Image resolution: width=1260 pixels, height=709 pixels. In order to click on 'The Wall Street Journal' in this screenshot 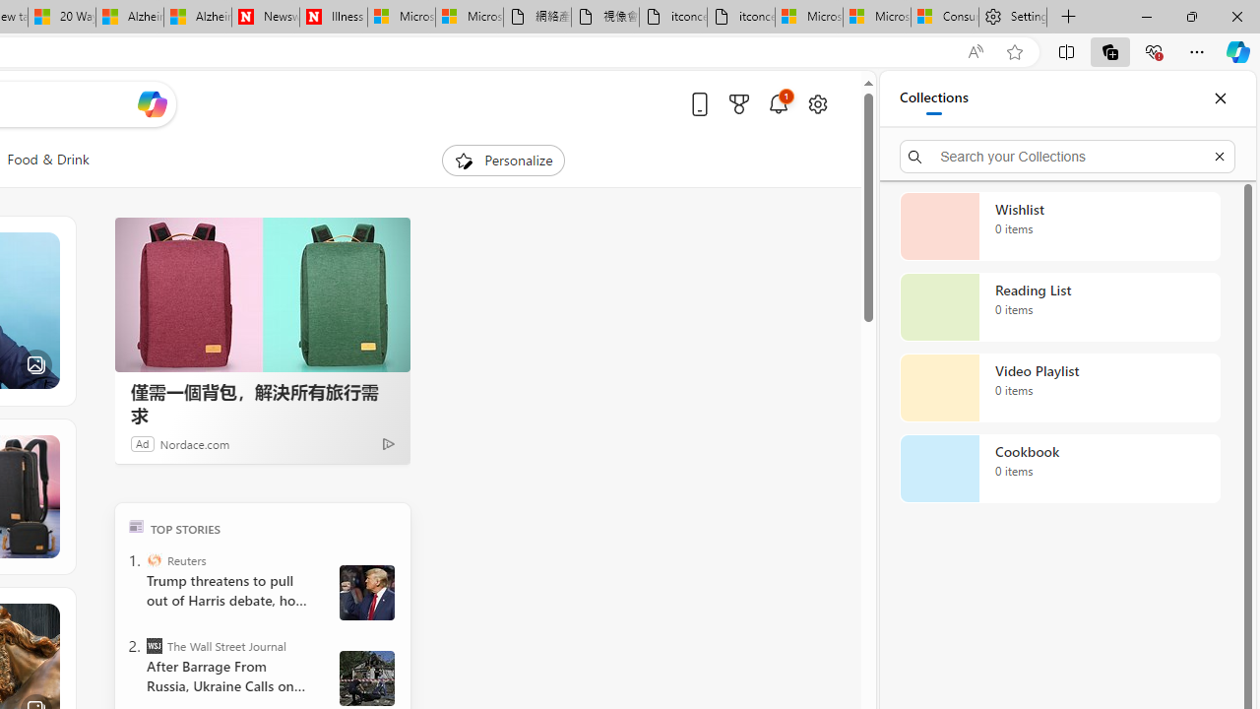, I will do `click(153, 645)`.